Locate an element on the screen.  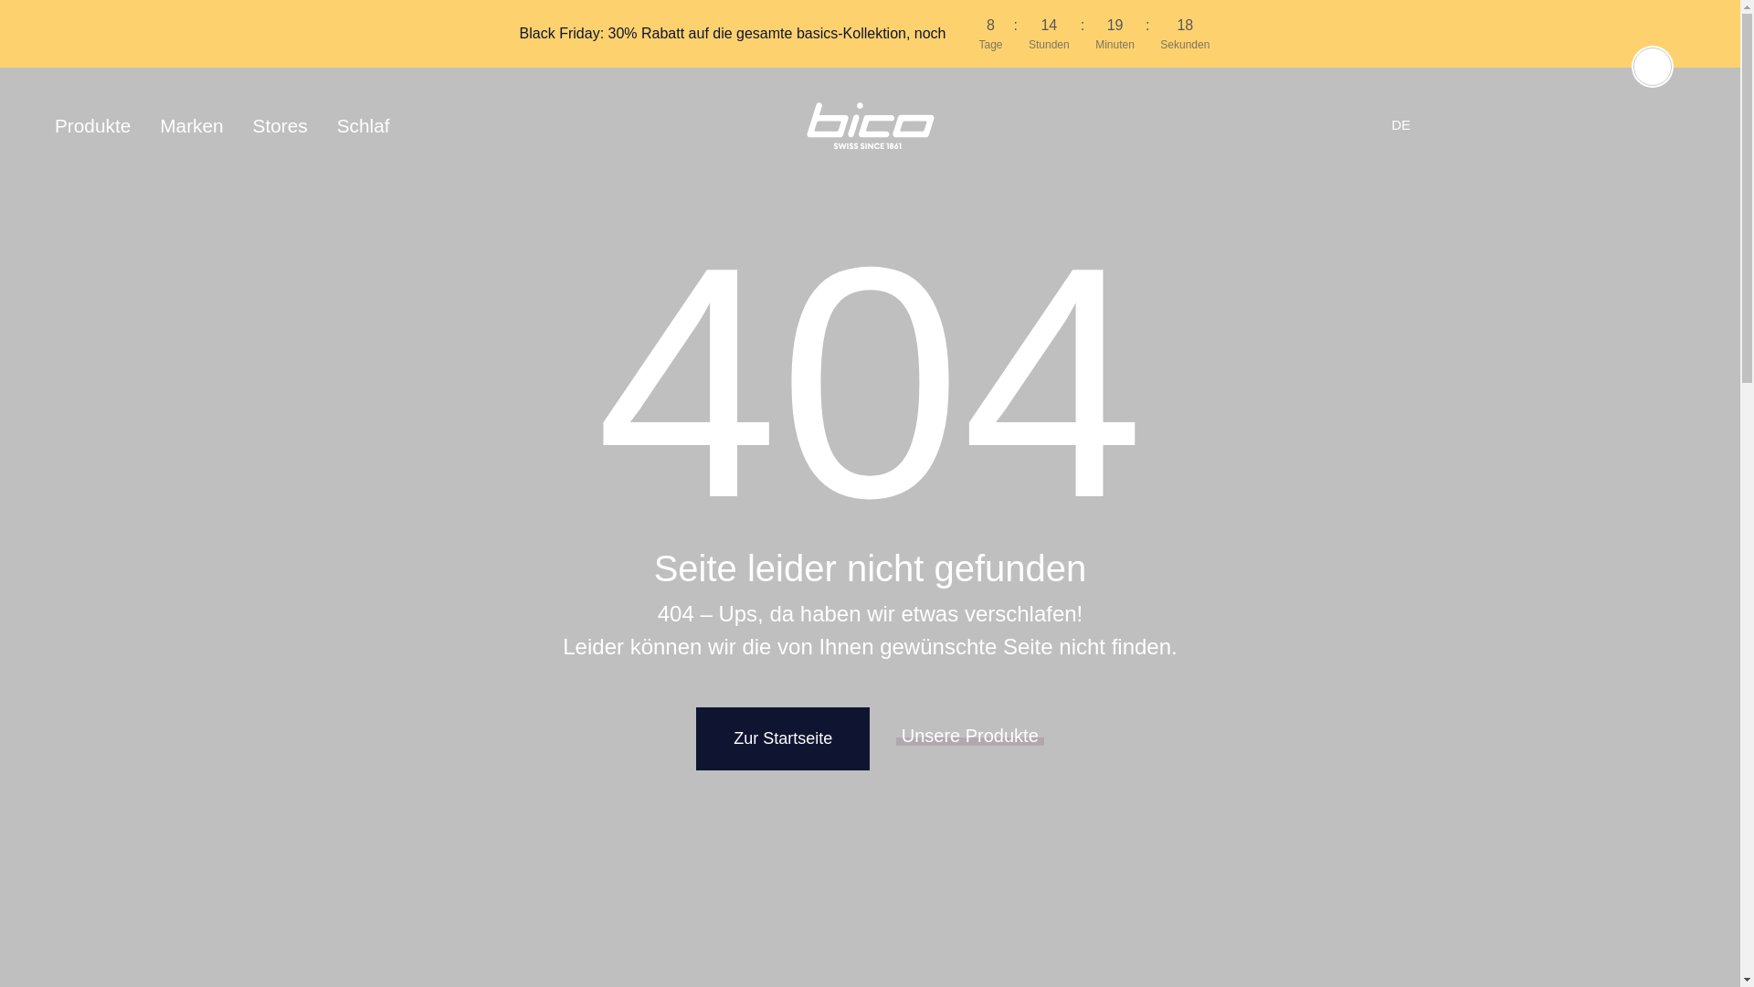
'Produkte' is located at coordinates (99, 124).